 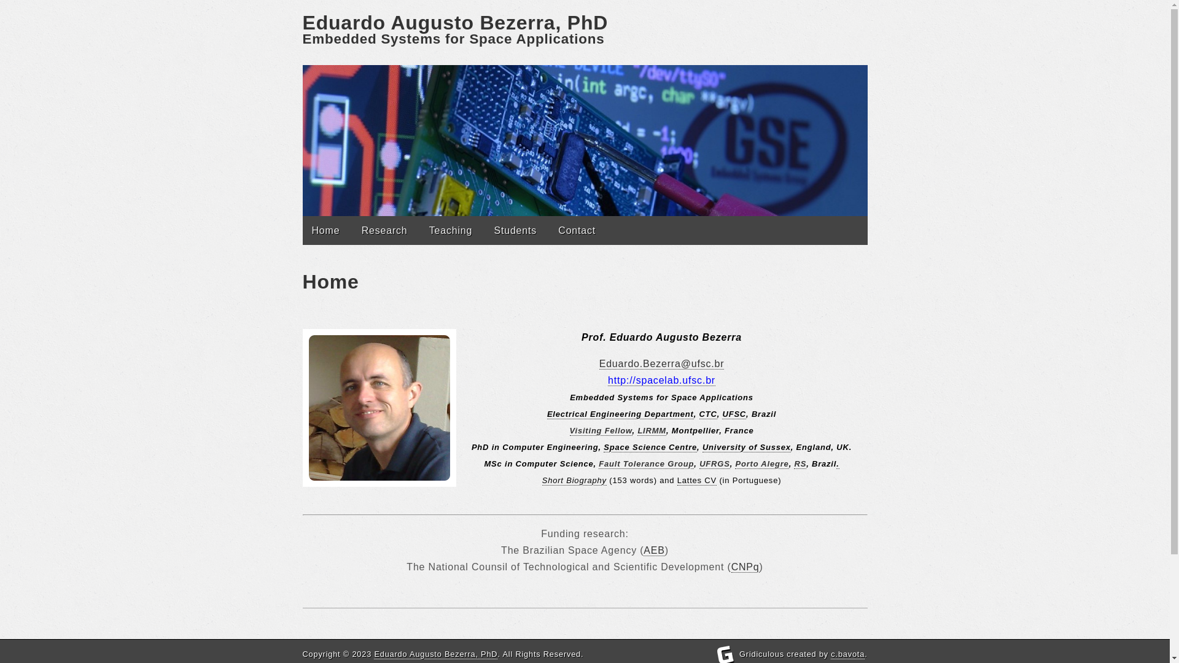 What do you see at coordinates (651, 430) in the screenshot?
I see `'LIRMM'` at bounding box center [651, 430].